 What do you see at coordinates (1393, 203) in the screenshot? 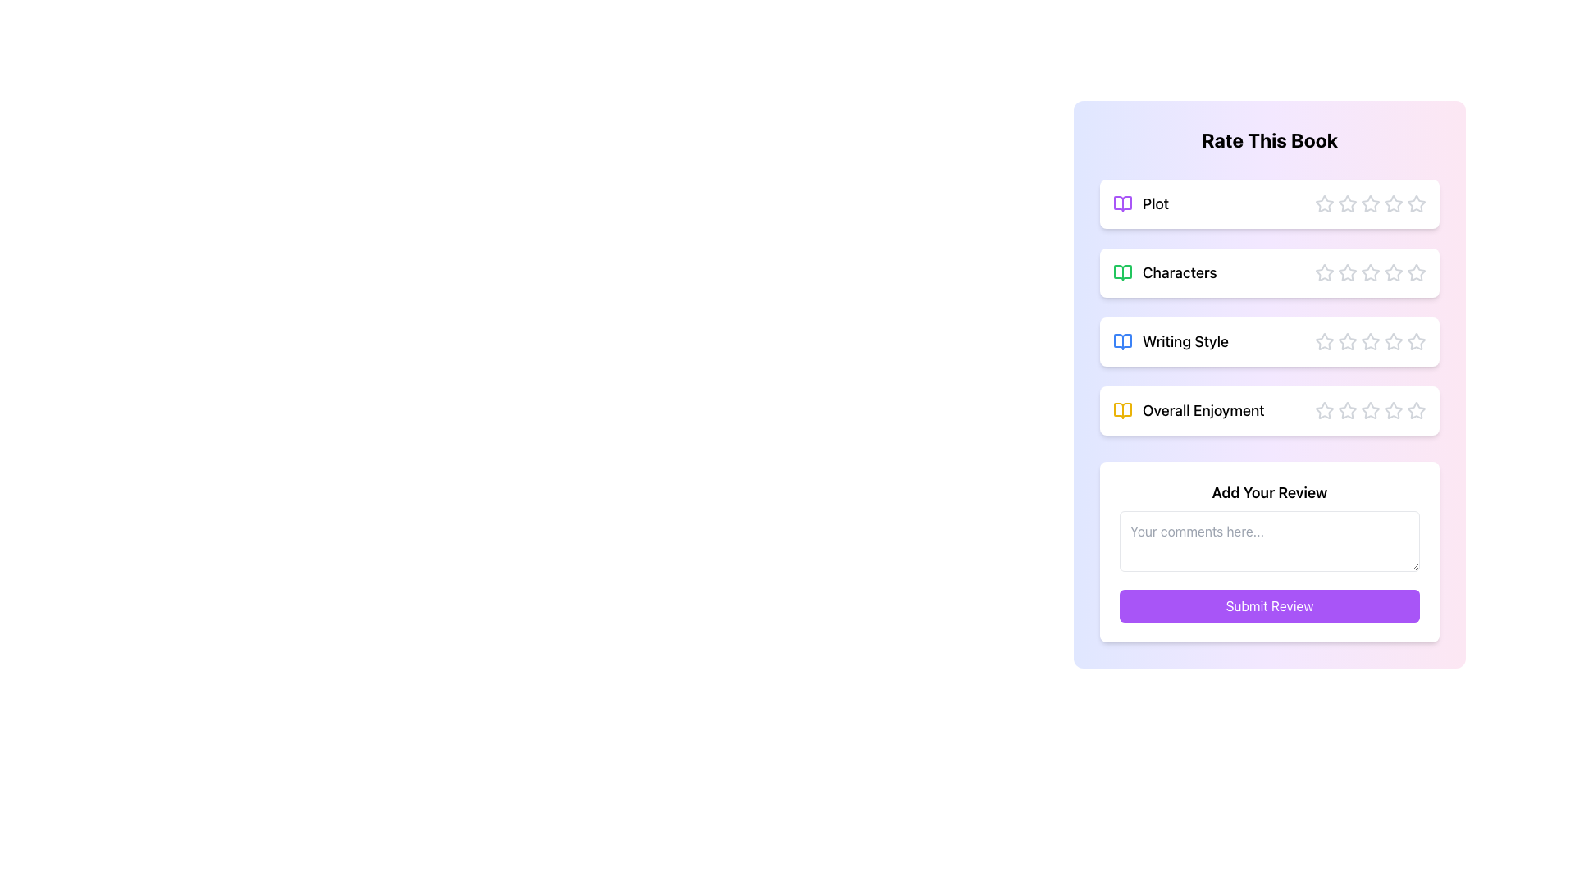
I see `the fifth star in the rating system for the 'Plot' category under 'Rate This Book.'` at bounding box center [1393, 203].